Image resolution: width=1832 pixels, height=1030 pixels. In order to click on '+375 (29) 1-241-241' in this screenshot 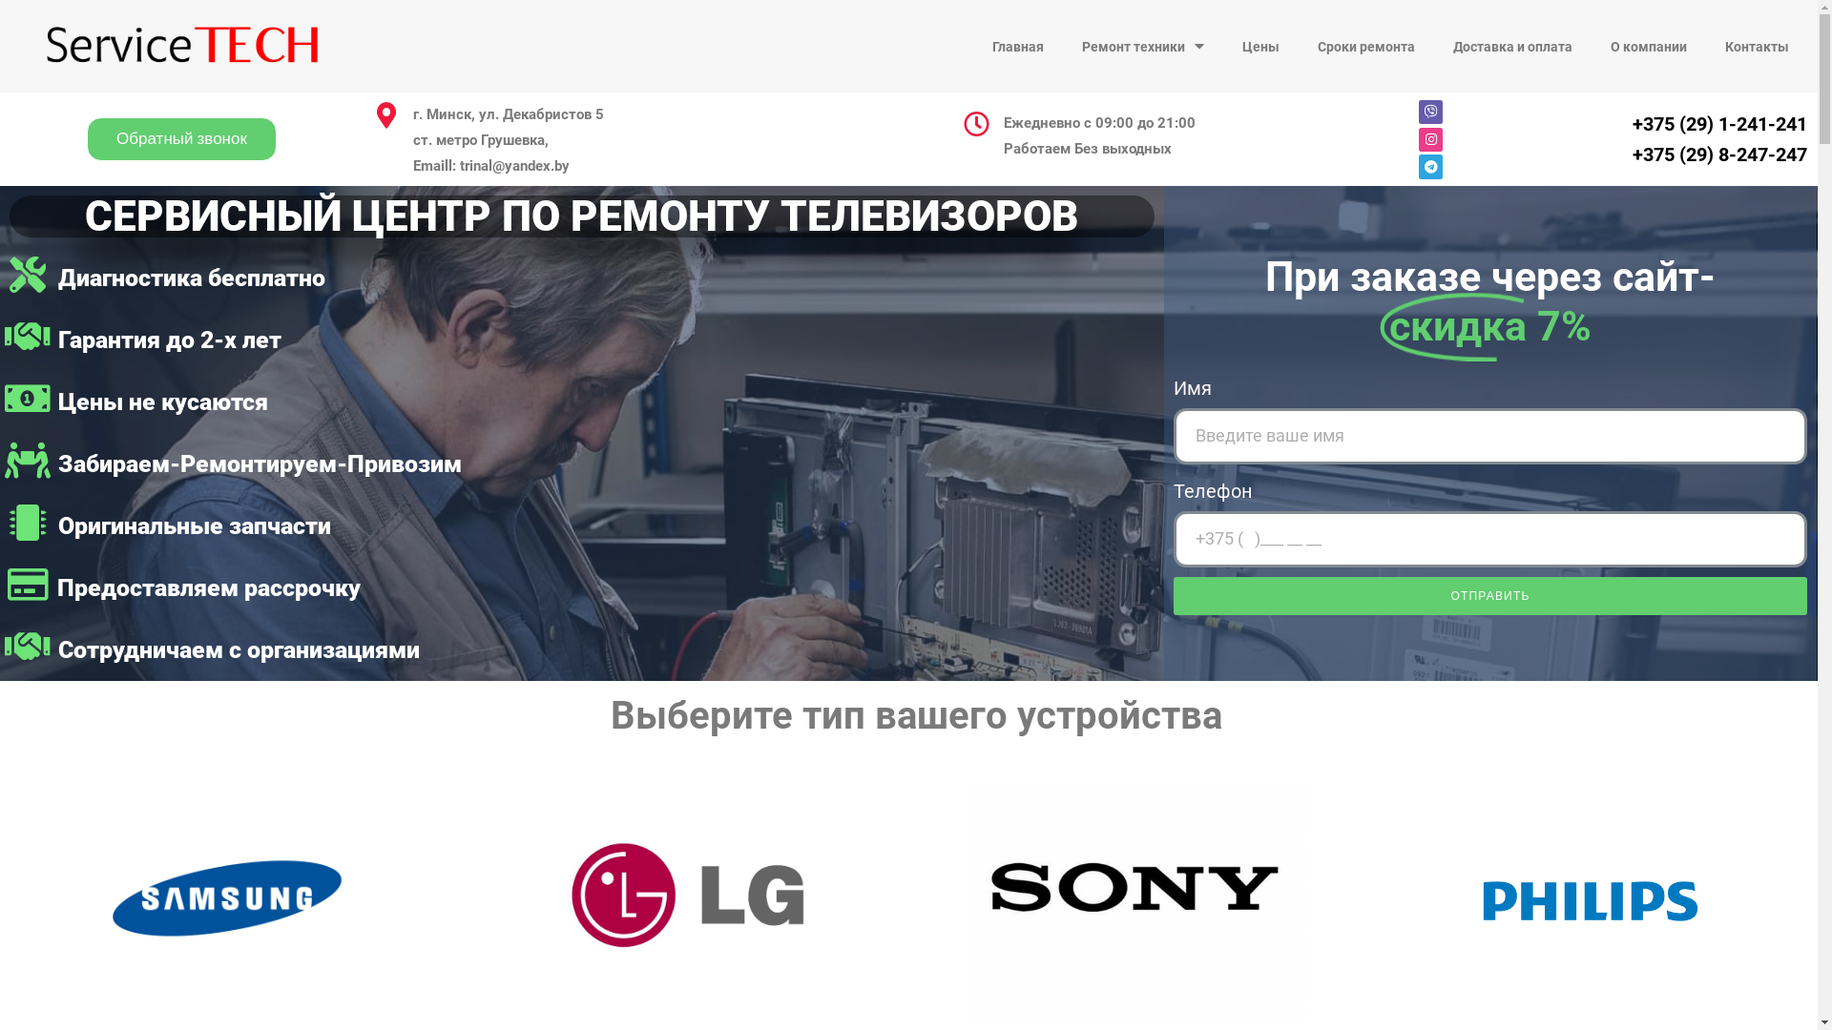, I will do `click(1719, 124)`.